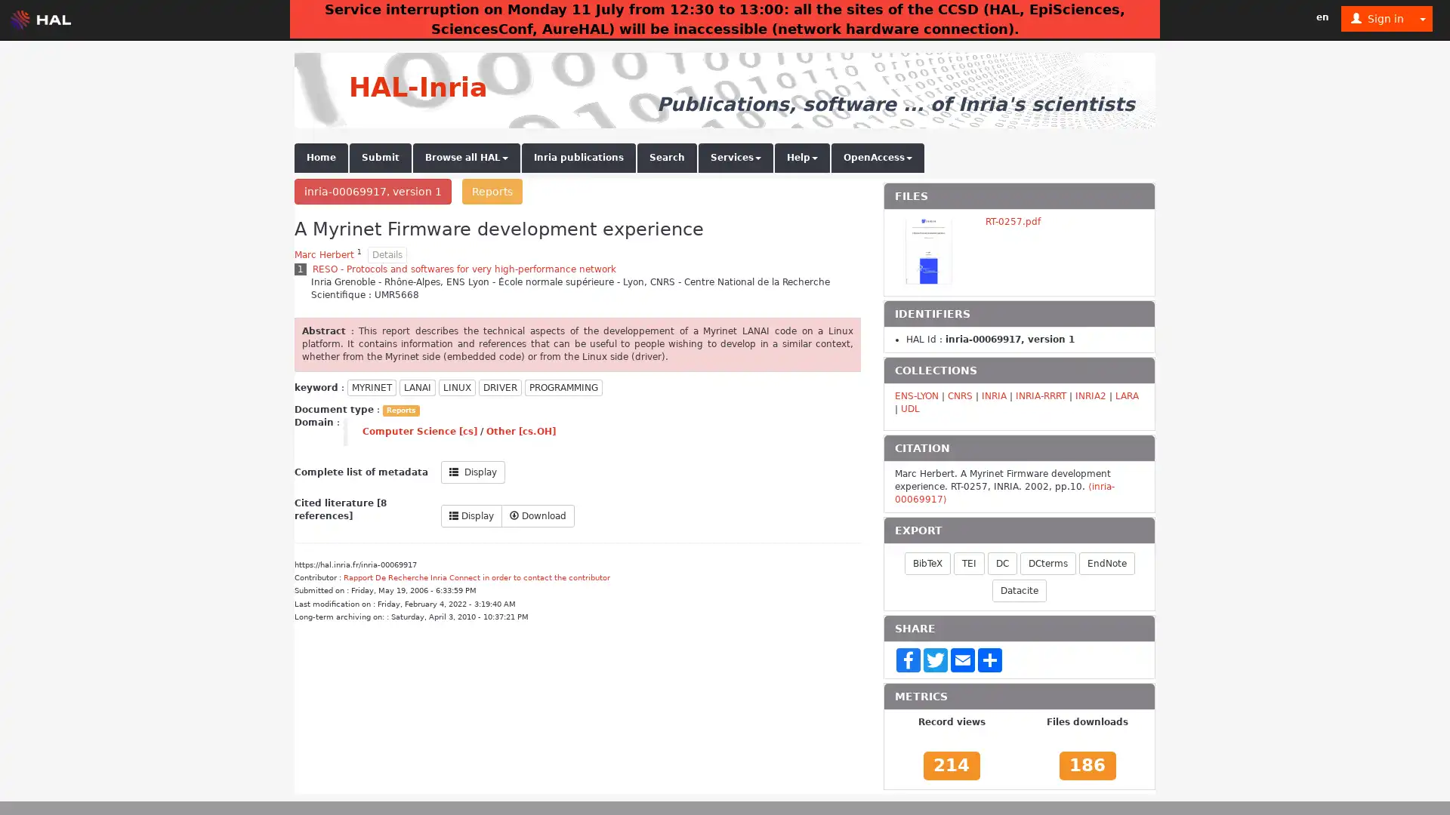 The image size is (1450, 815). I want to click on Datacite, so click(1019, 589).